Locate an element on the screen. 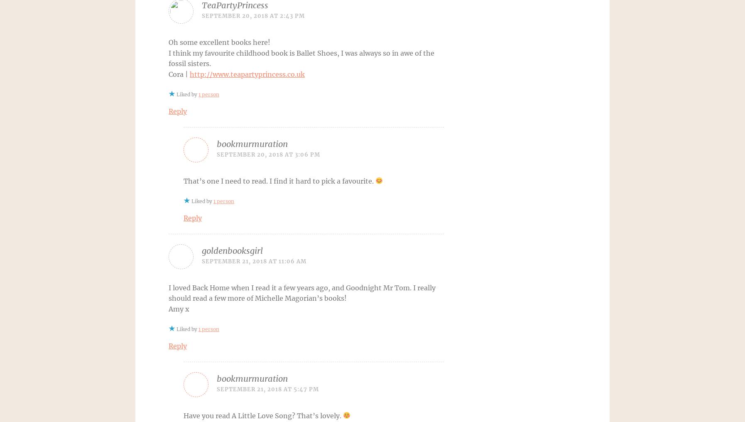  'Have you read A Little Love Song? That’s lovely.' is located at coordinates (263, 415).